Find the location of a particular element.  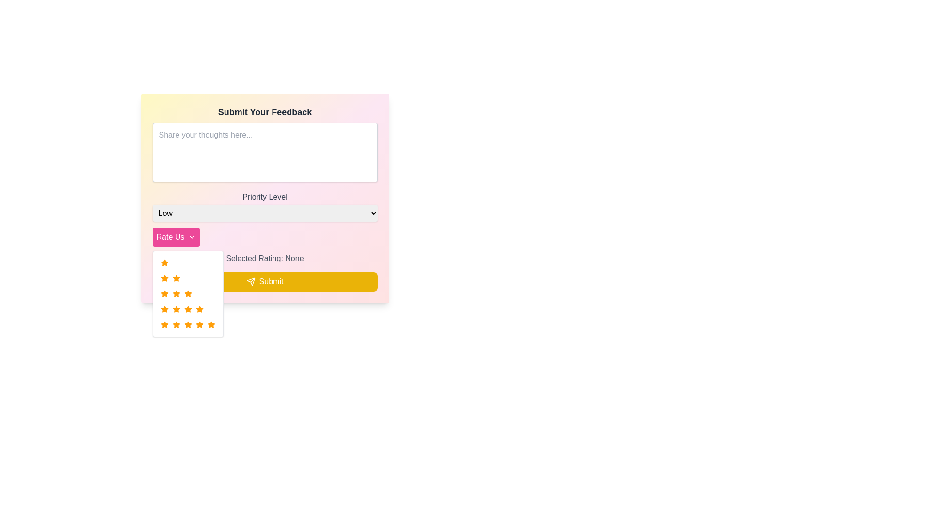

the topmost dropdown menu item for rating located below the 'Rate Us' button is located at coordinates (188, 263).